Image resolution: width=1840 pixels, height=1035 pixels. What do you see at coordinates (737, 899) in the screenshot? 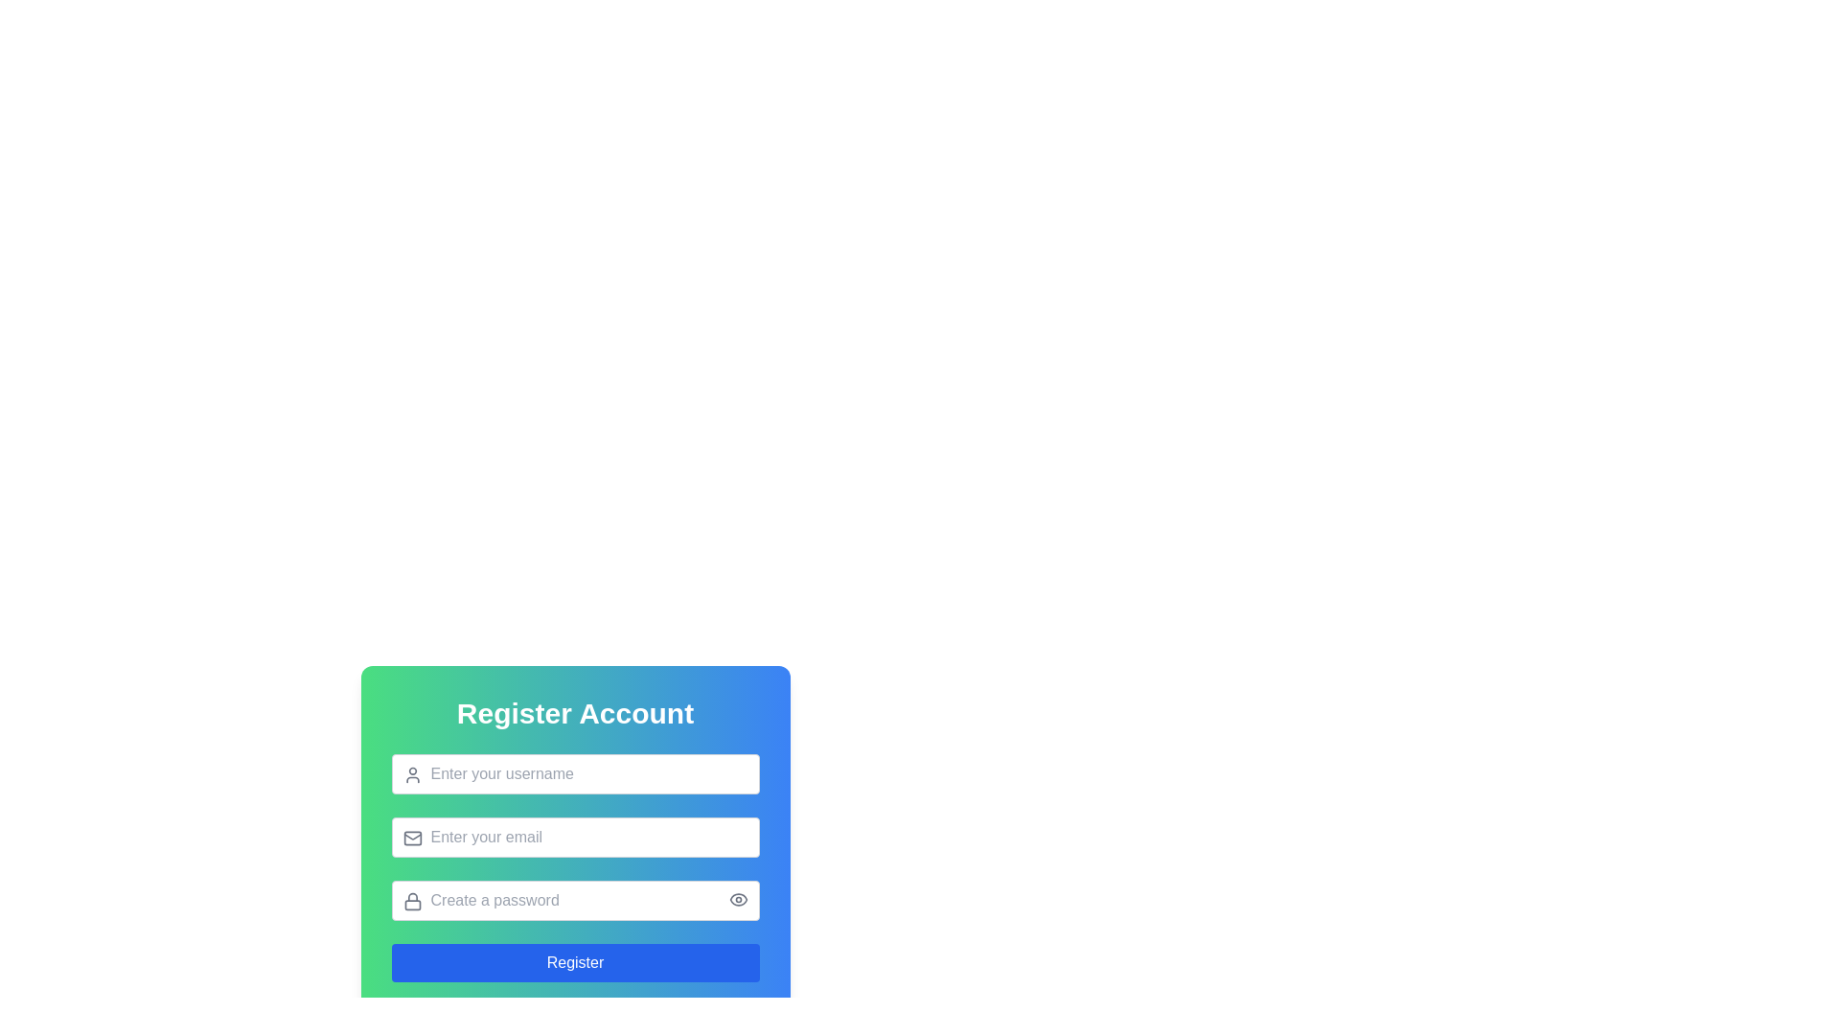
I see `the outer component of the eye-shaped icon located in the password input field of the registration form` at bounding box center [737, 899].